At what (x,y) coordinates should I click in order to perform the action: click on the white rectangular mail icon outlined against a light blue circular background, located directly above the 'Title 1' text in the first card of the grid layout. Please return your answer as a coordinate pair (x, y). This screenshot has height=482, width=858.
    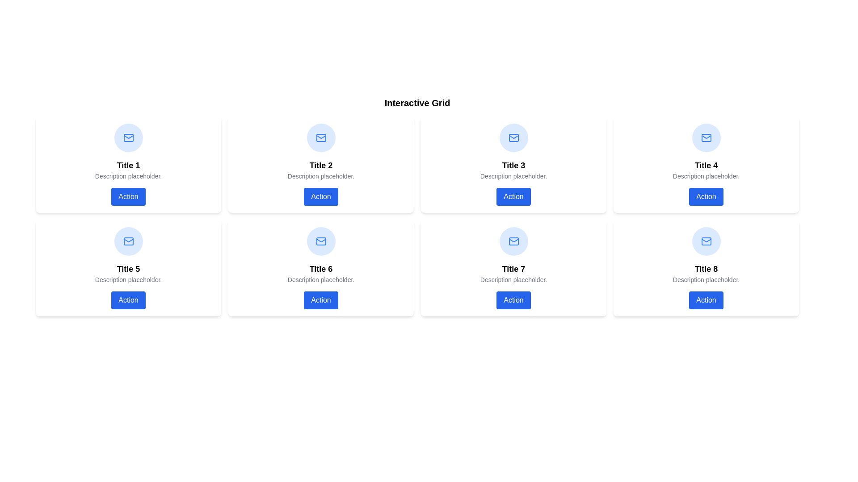
    Looking at the image, I should click on (128, 137).